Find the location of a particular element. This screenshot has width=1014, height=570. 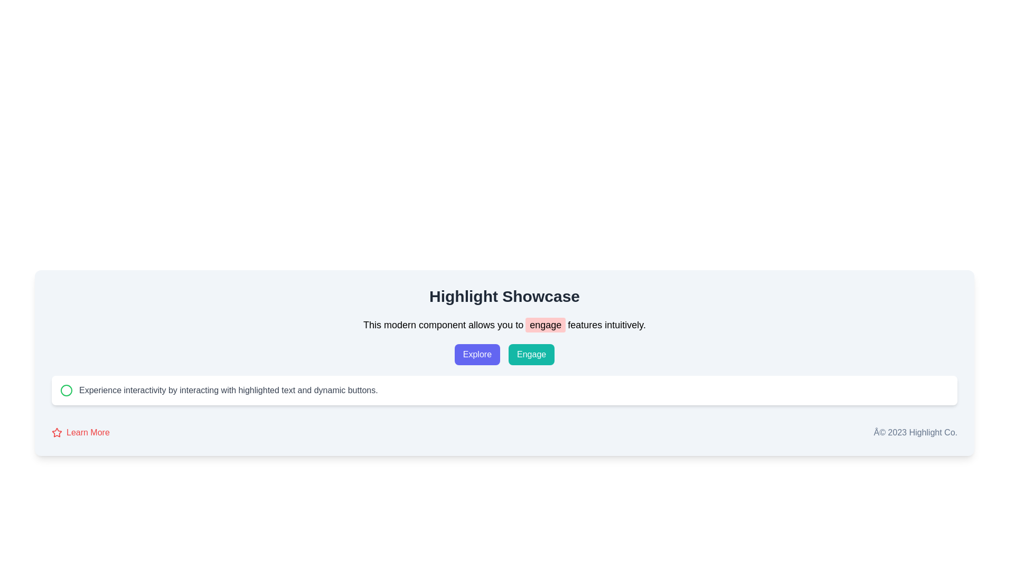

the star-shaped icon with a hollow interior and stroke-style outline, located near the bottom-left corner of the viewport, above the 'Learn More' text is located at coordinates (57, 432).